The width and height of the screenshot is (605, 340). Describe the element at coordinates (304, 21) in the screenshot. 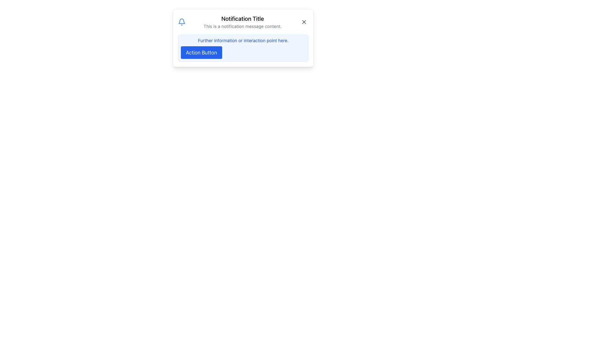

I see `the graphical icon representing a cross, which consists of diagonal lines intersecting in the middle, located at the top-right corner of a notification card` at that location.